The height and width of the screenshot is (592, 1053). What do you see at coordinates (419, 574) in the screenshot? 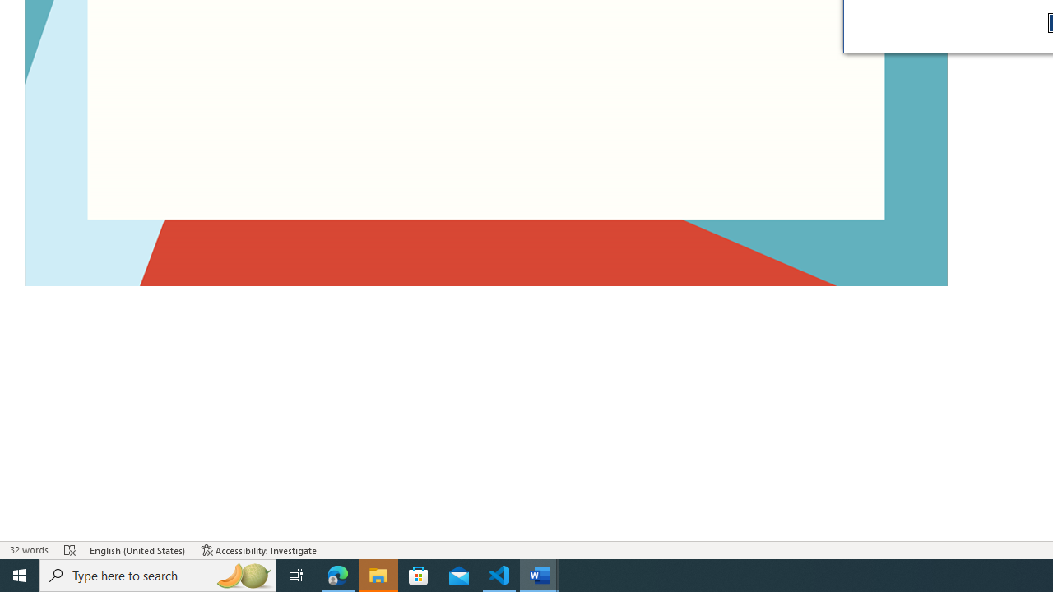
I see `'Microsoft Store'` at bounding box center [419, 574].